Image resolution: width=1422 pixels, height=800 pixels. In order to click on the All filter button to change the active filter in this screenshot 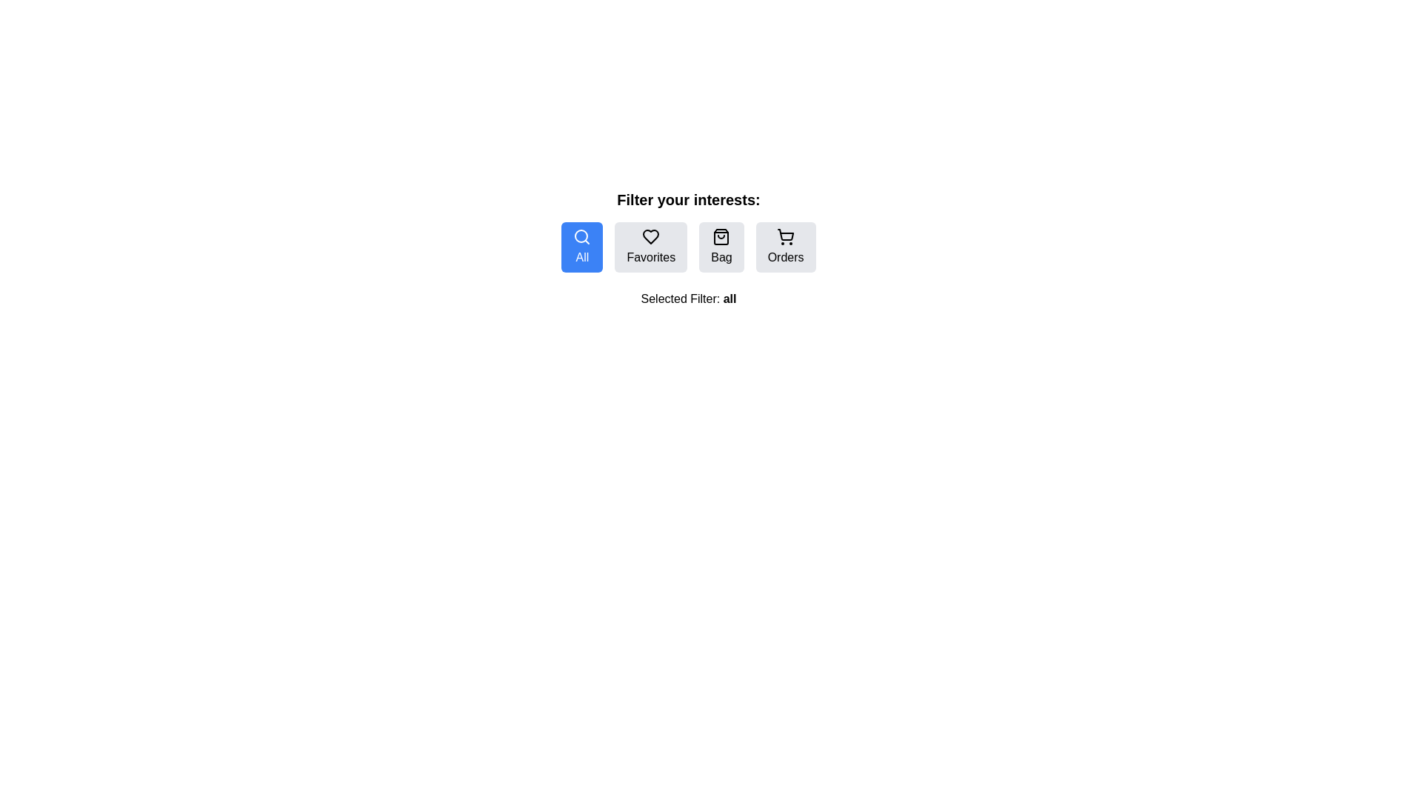, I will do `click(581, 247)`.